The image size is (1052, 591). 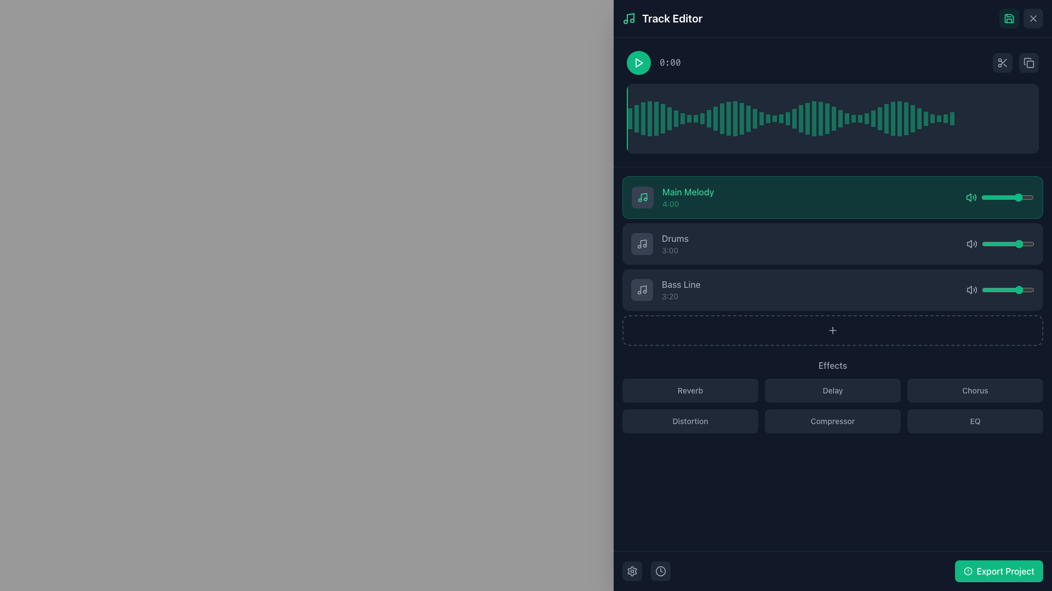 What do you see at coordinates (794, 118) in the screenshot?
I see `the 27th vertical bar in the waveform that serves as a marker, indicating a specific point in time` at bounding box center [794, 118].